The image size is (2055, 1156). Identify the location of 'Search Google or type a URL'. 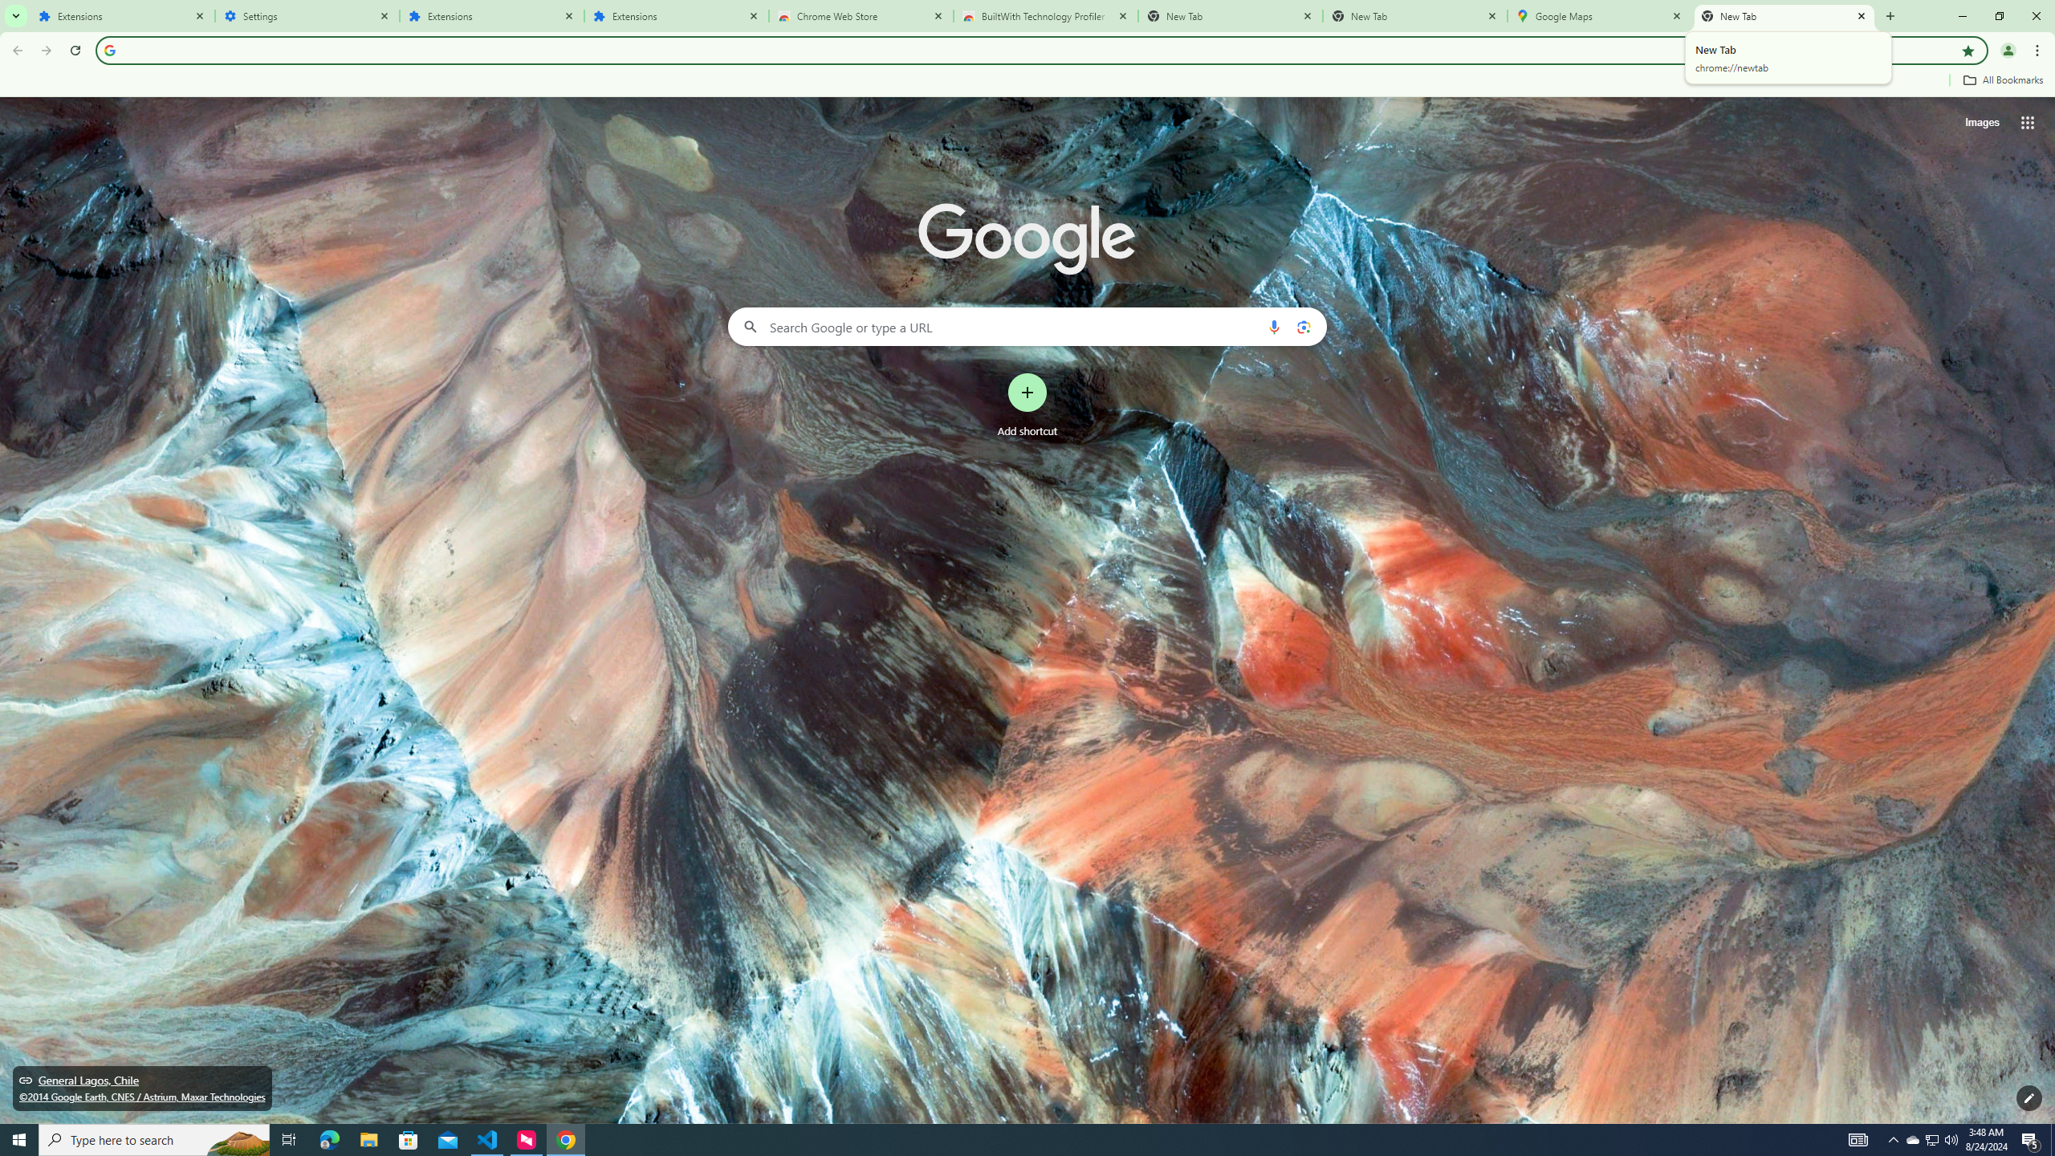
(1027, 325).